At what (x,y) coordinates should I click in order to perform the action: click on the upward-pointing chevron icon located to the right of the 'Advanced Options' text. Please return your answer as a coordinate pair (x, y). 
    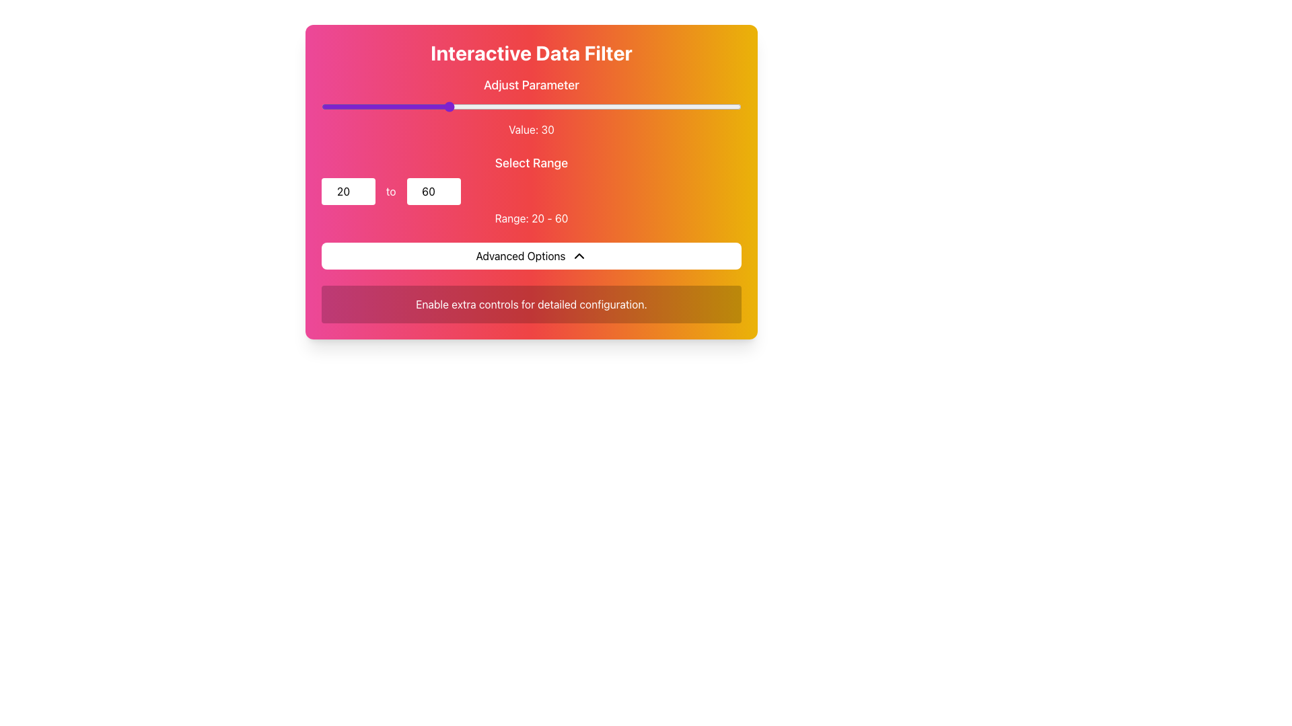
    Looking at the image, I should click on (579, 256).